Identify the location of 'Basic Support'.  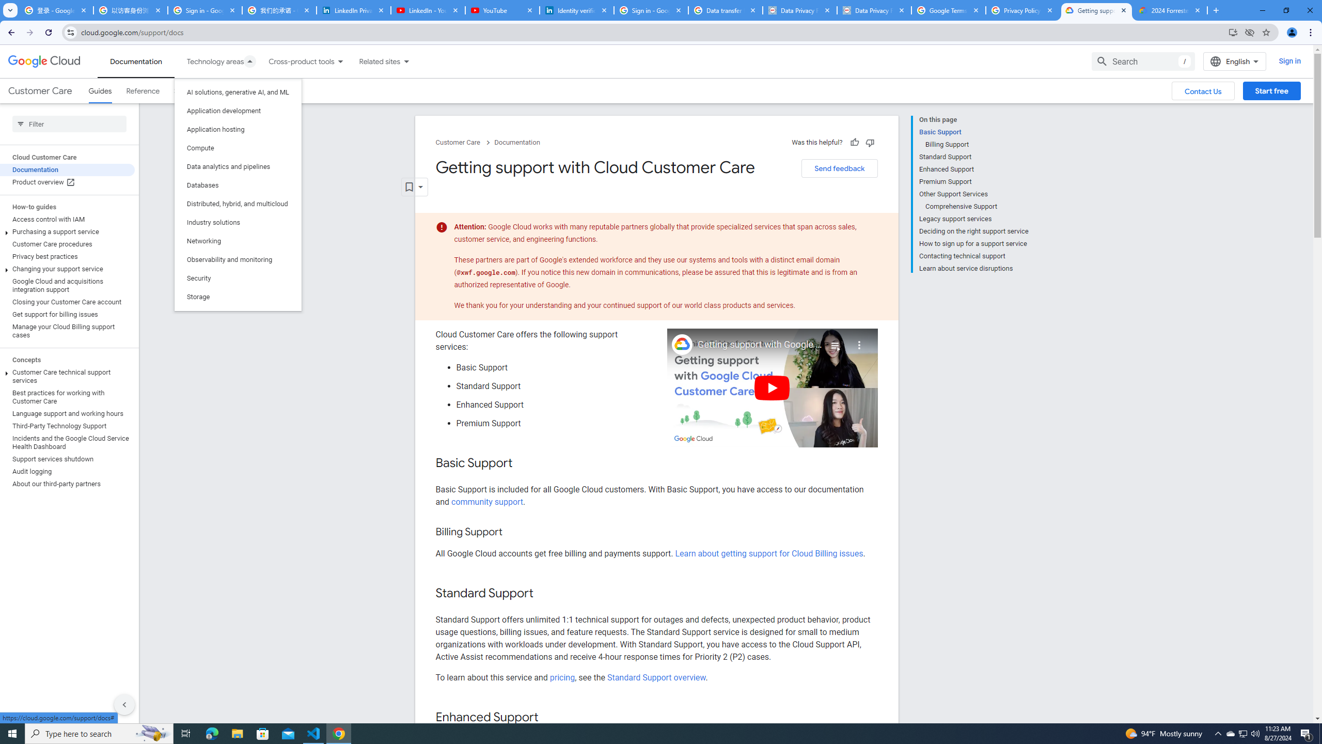
(973, 131).